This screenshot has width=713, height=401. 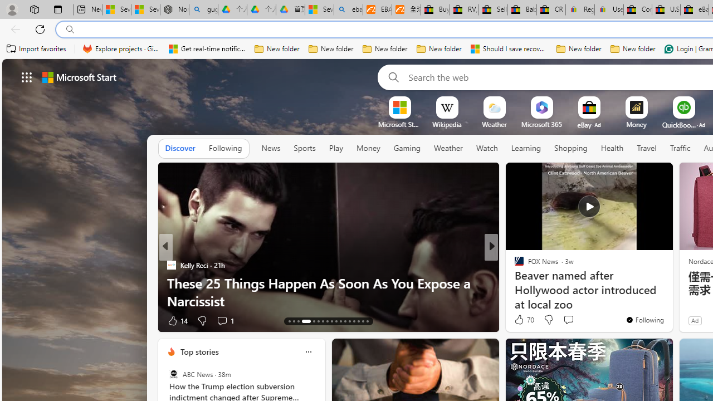 I want to click on 'View comments 167 Comment', so click(x=571, y=320).